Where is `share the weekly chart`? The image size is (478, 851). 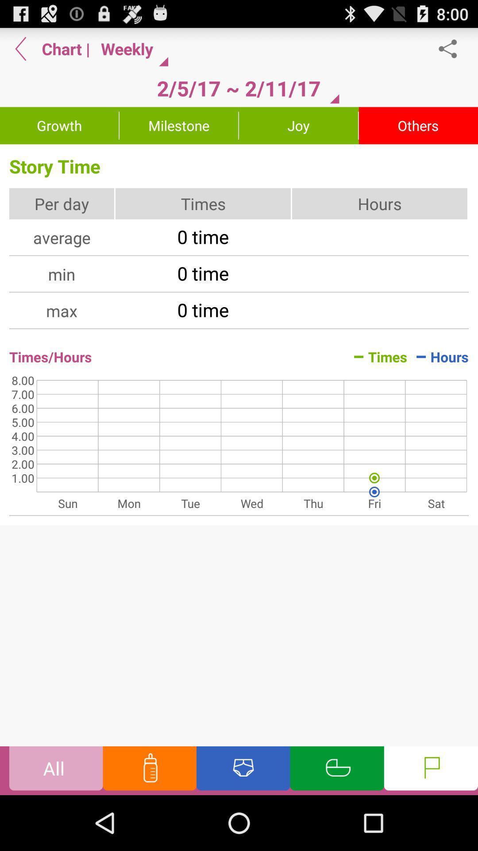 share the weekly chart is located at coordinates (452, 48).